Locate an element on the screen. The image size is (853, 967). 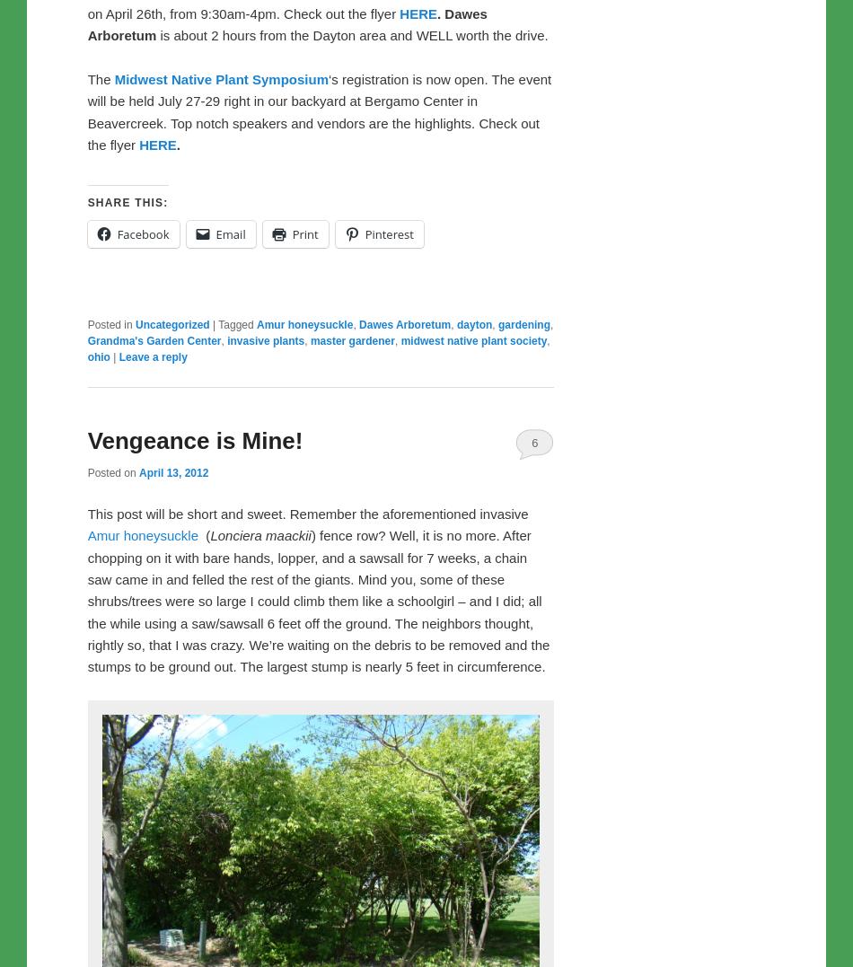
'Midwest Native Plant Symposium' is located at coordinates (114, 78).